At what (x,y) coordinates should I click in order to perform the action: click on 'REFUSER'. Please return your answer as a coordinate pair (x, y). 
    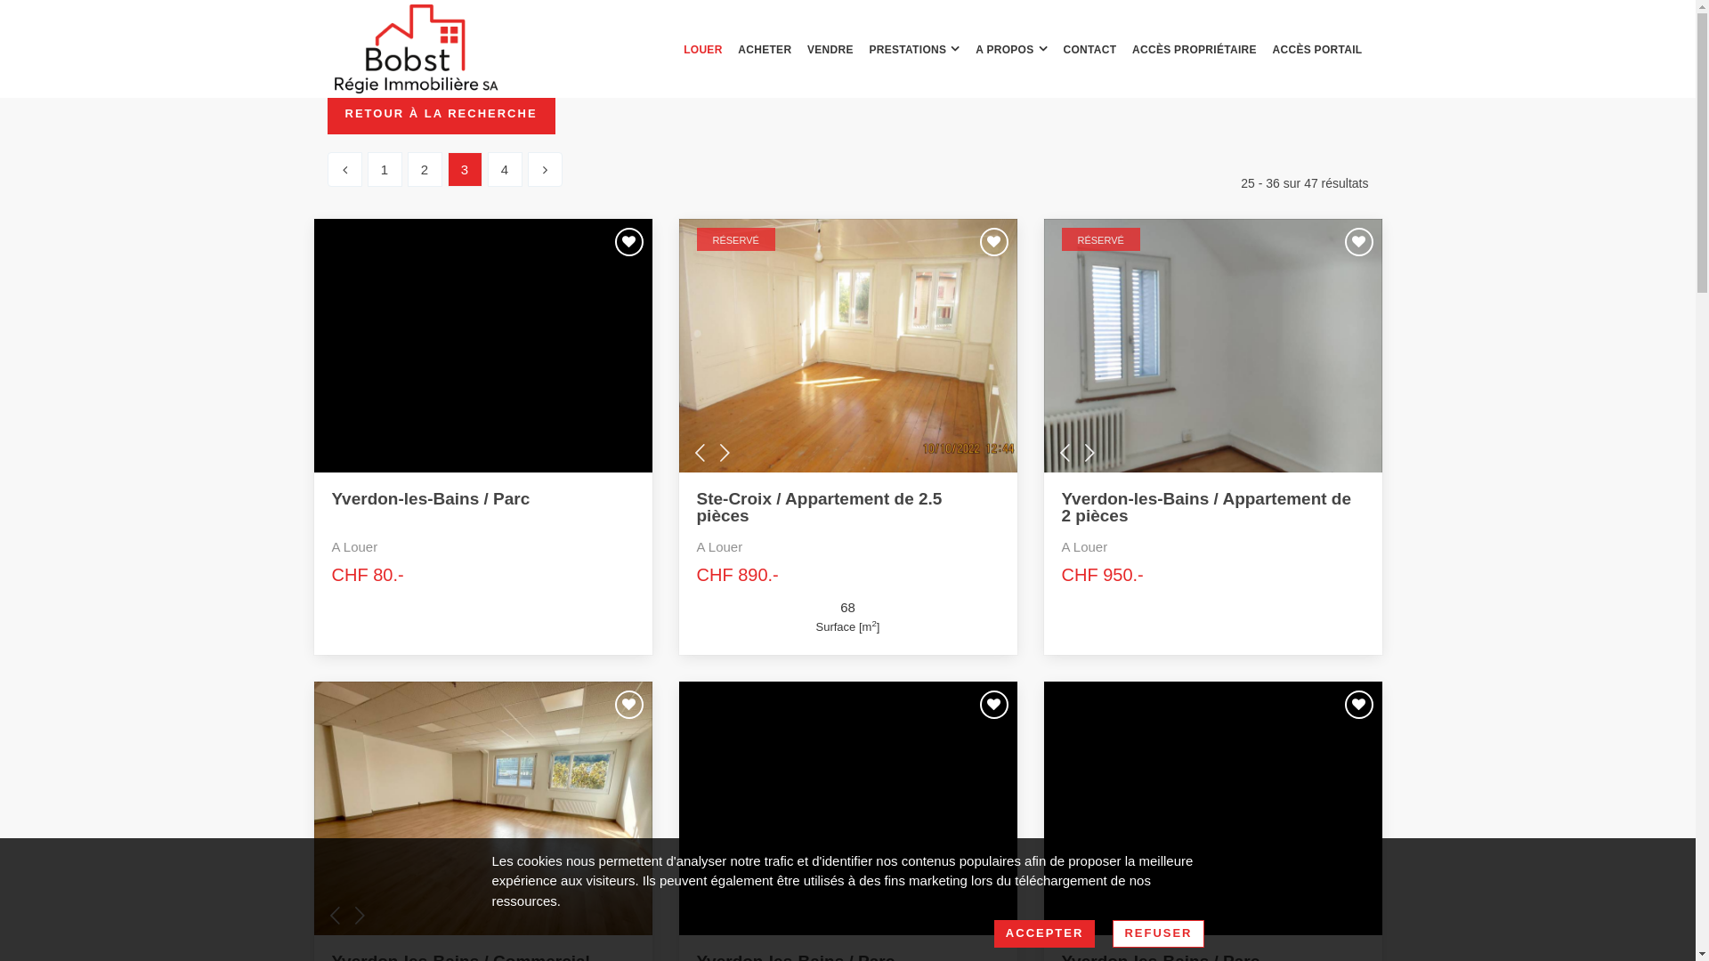
    Looking at the image, I should click on (1157, 933).